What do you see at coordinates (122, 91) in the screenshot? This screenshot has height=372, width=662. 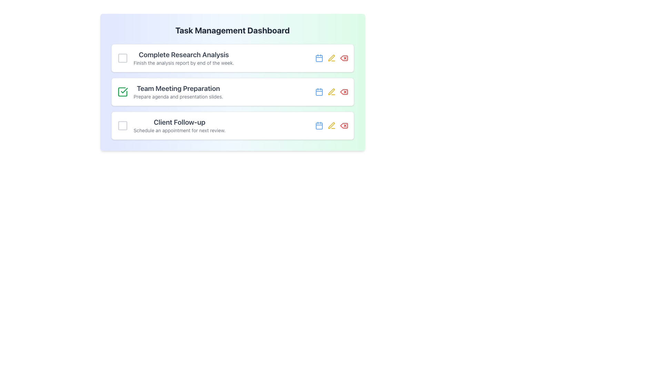 I see `the green square with rounded corners in the checklist interface that marks the 'Team Meeting Preparation' task as completed or selected` at bounding box center [122, 91].